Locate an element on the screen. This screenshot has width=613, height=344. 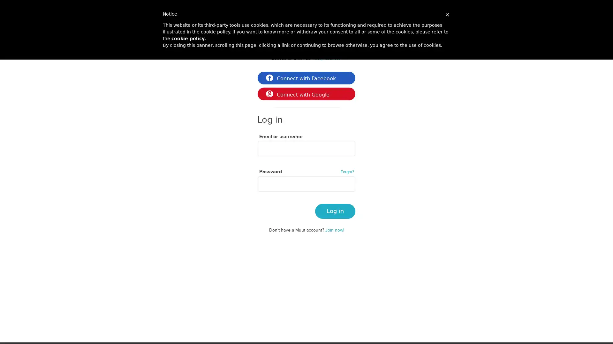
Log in is located at coordinates (335, 211).